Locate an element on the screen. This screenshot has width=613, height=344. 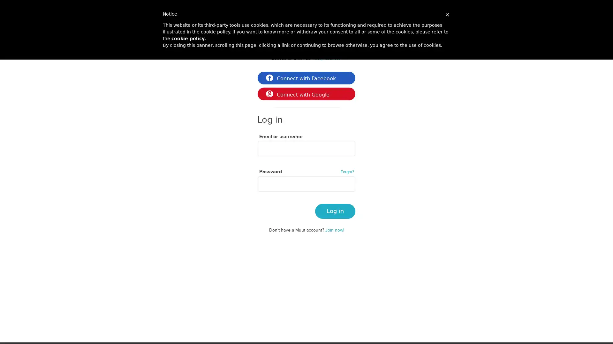
Log in is located at coordinates (335, 211).